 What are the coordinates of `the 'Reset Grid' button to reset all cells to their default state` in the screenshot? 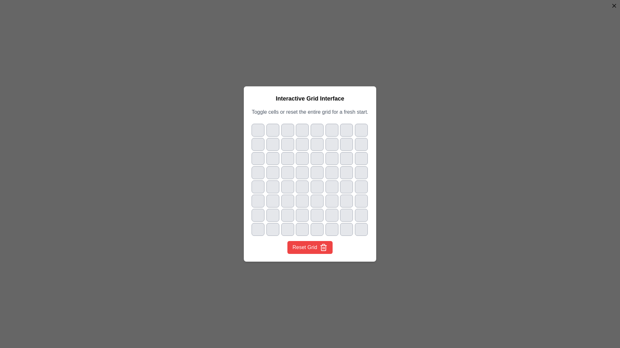 It's located at (310, 247).